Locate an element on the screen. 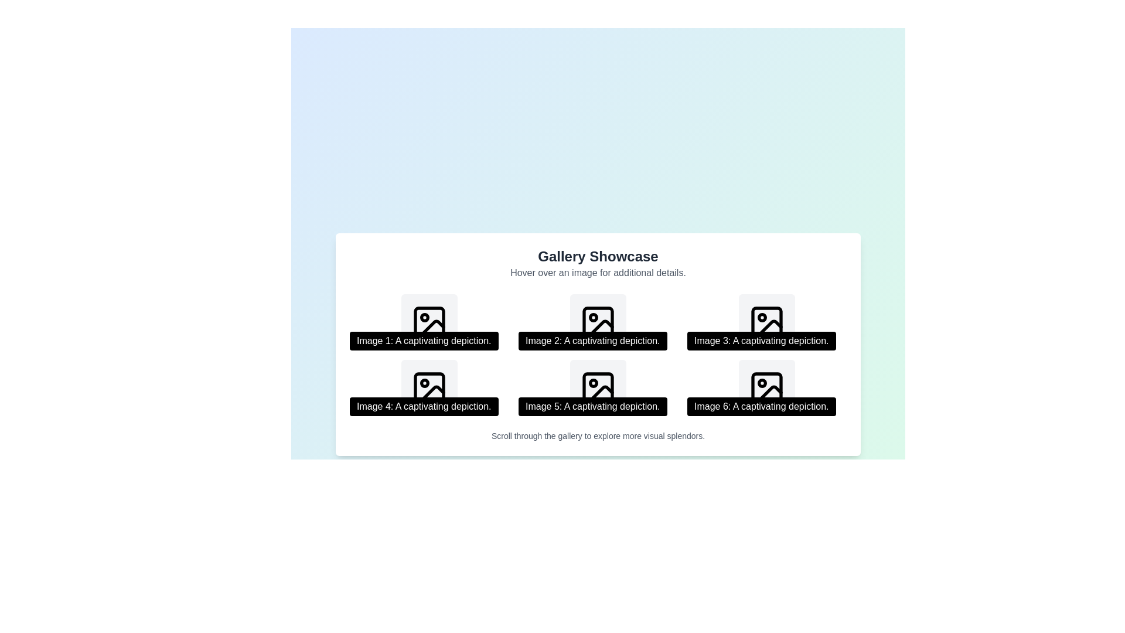 This screenshot has width=1125, height=633. caption of the image placeholder labeled 'Image 6: A captivating depiction.' which is located in the third column of the second row in a grid layout is located at coordinates (767, 388).